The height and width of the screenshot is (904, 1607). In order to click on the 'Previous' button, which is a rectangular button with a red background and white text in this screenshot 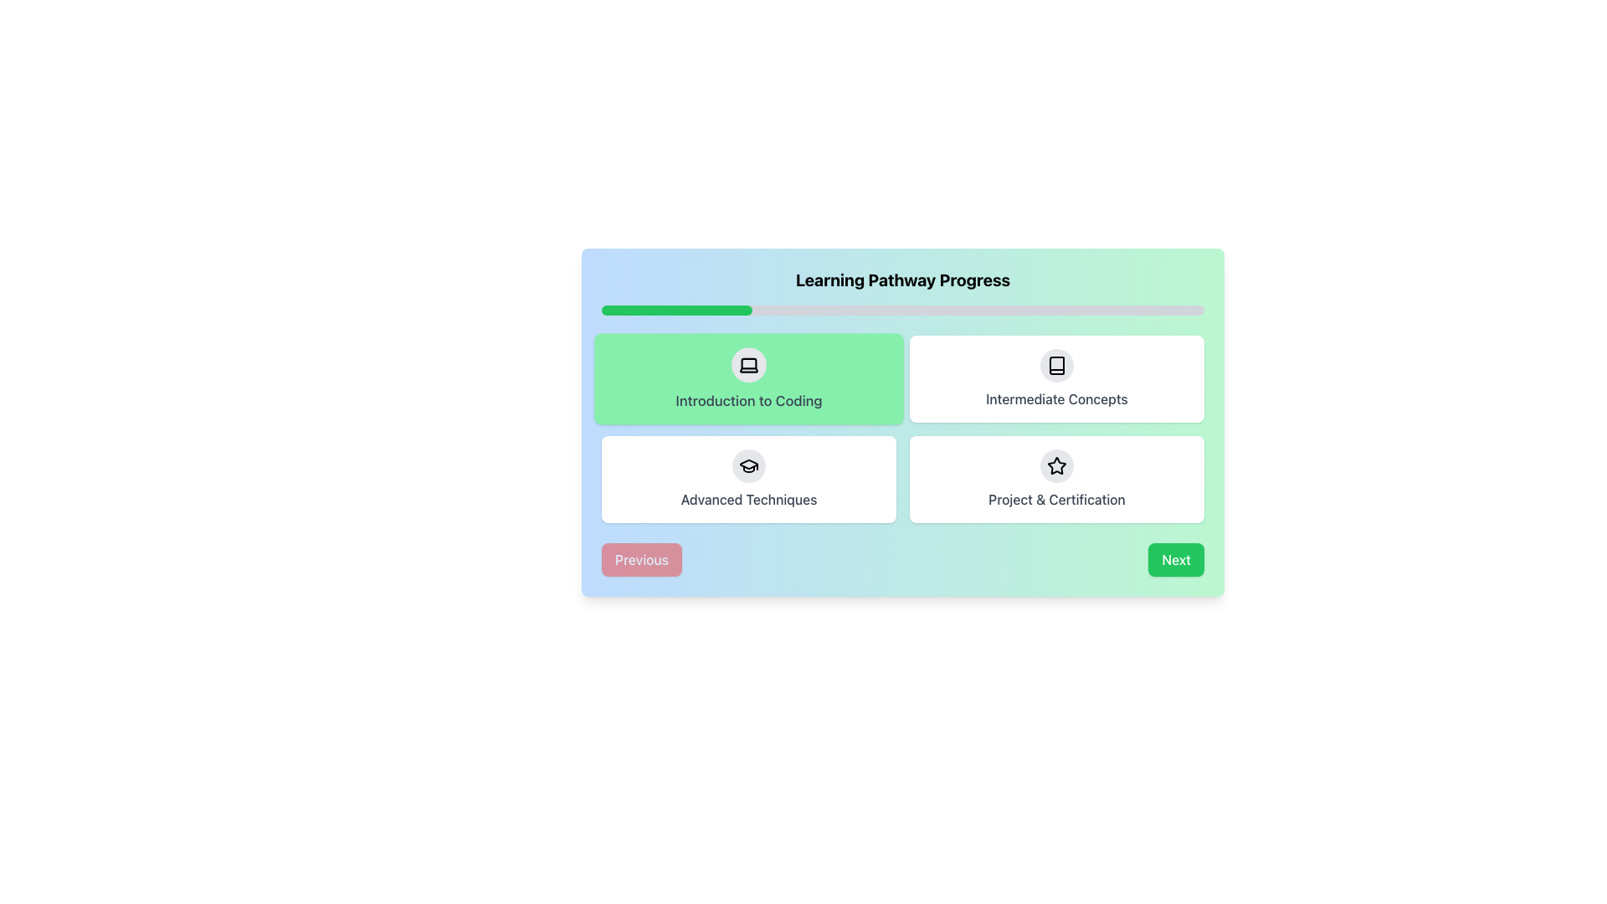, I will do `click(641, 559)`.